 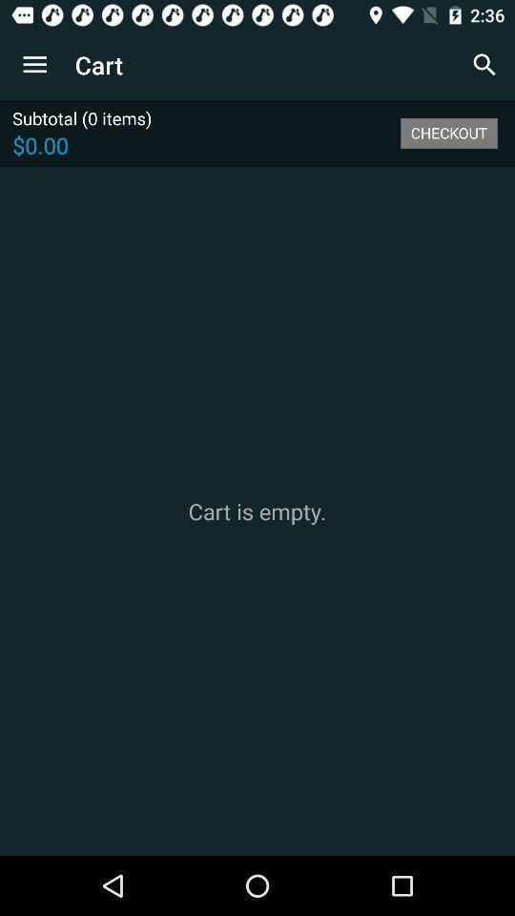 What do you see at coordinates (34, 65) in the screenshot?
I see `icon next to the cart app` at bounding box center [34, 65].